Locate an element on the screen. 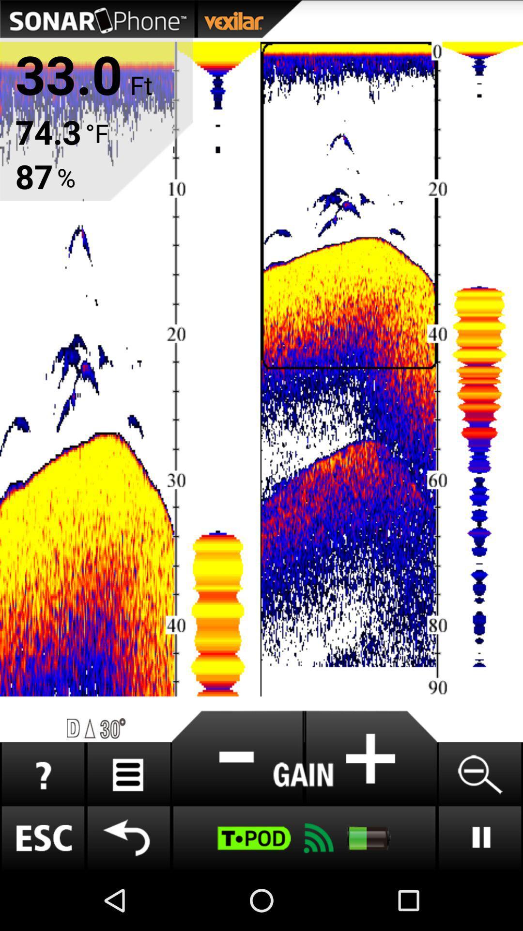 The height and width of the screenshot is (931, 523). back is located at coordinates (128, 837).